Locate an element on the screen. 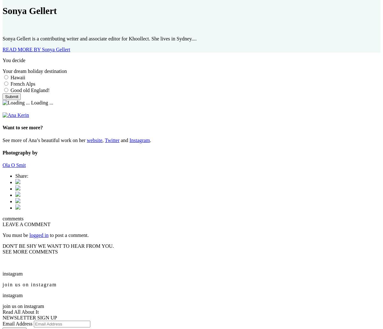 The height and width of the screenshot is (329, 383). 'NEWSLETTER SIGN UP' is located at coordinates (3, 317).